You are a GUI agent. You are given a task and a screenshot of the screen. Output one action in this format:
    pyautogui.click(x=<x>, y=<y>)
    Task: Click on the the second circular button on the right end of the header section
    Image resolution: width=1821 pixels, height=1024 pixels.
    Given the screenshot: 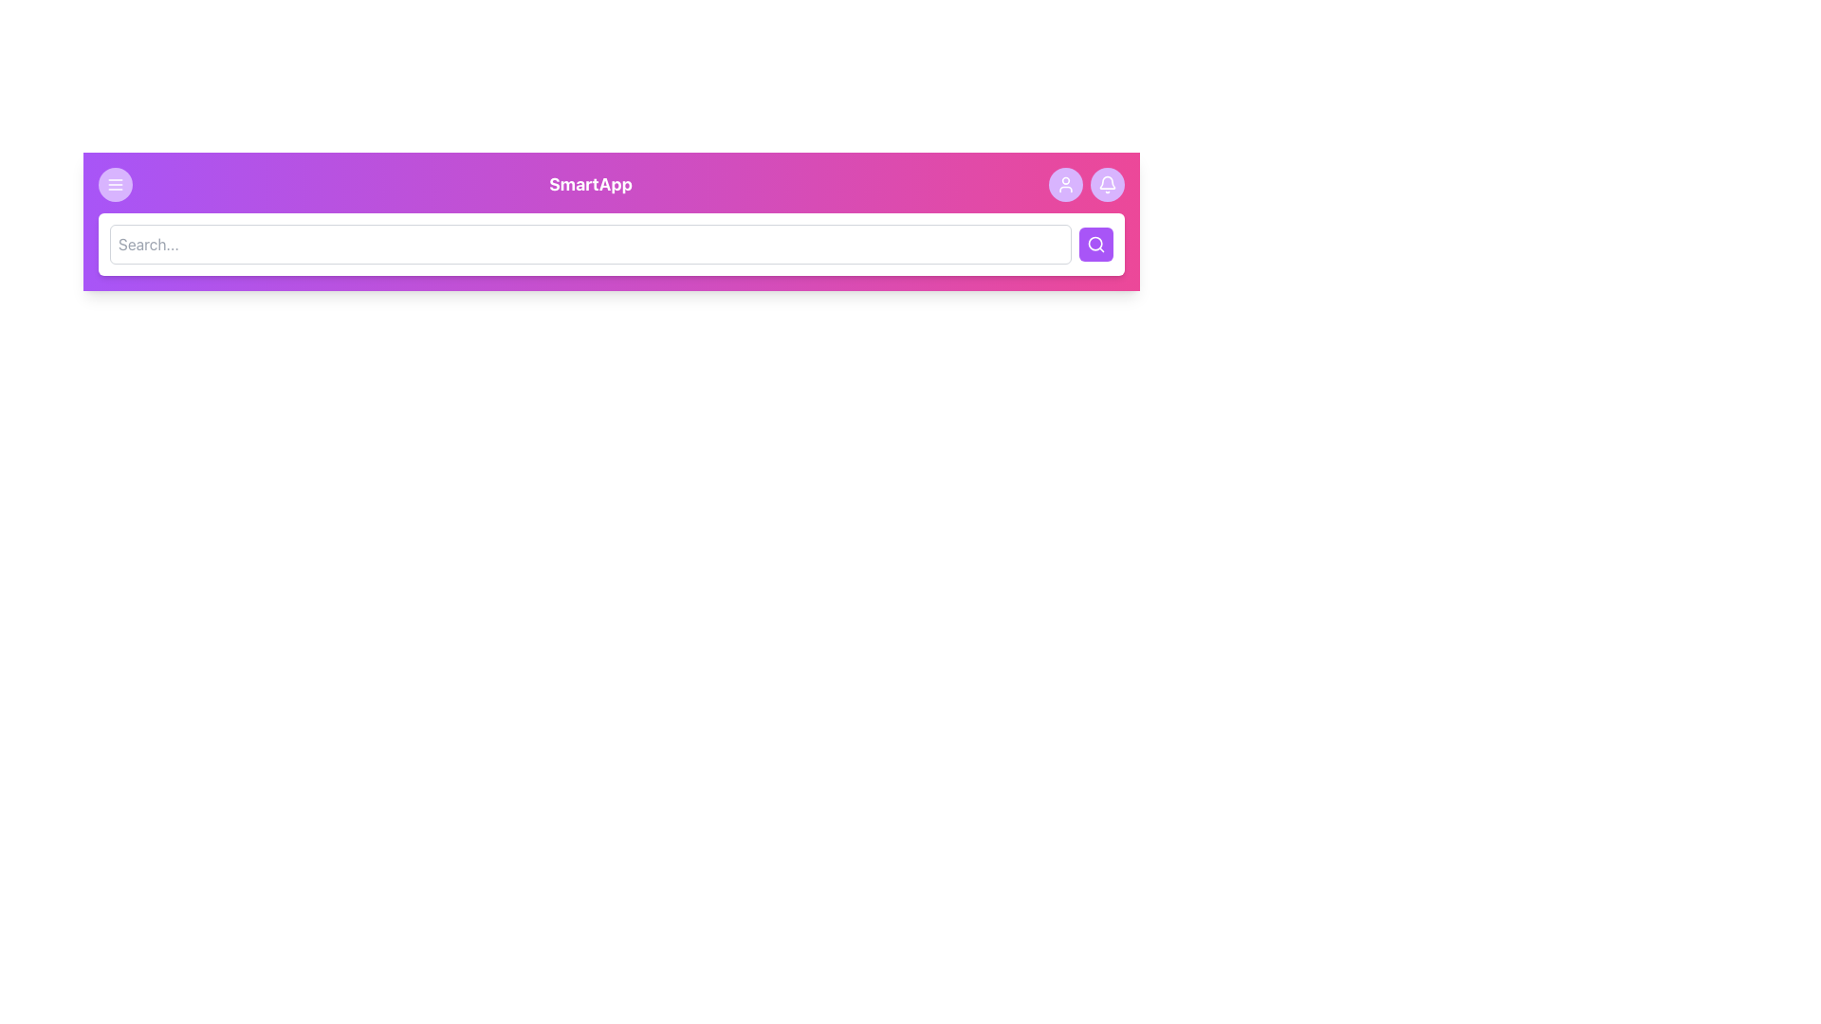 What is the action you would take?
    pyautogui.click(x=1107, y=185)
    